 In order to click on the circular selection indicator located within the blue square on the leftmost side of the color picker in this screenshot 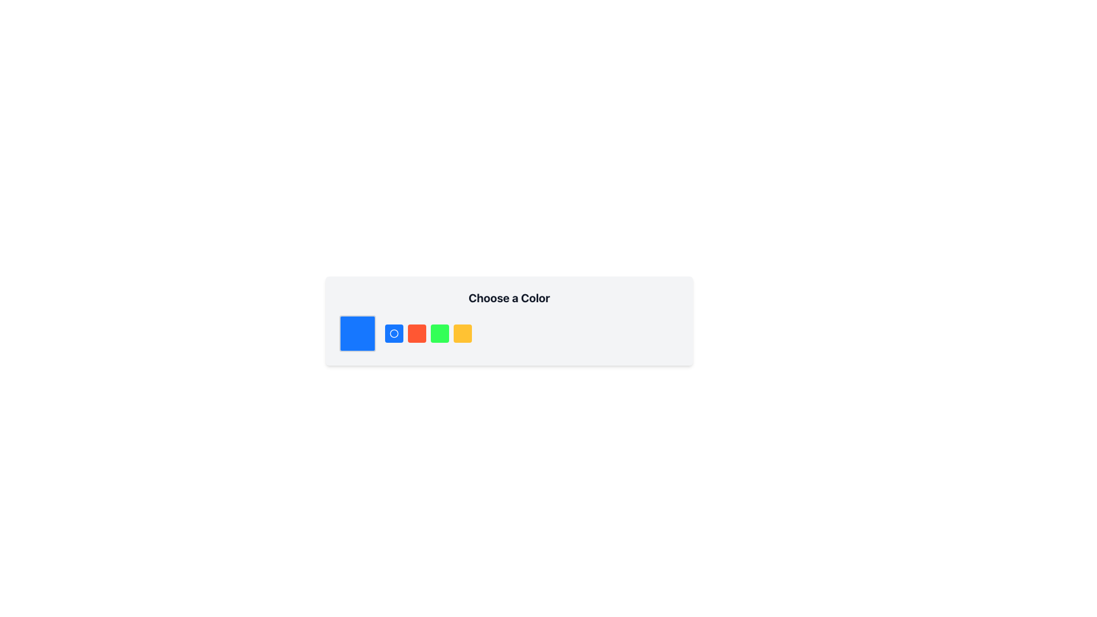, I will do `click(394, 333)`.